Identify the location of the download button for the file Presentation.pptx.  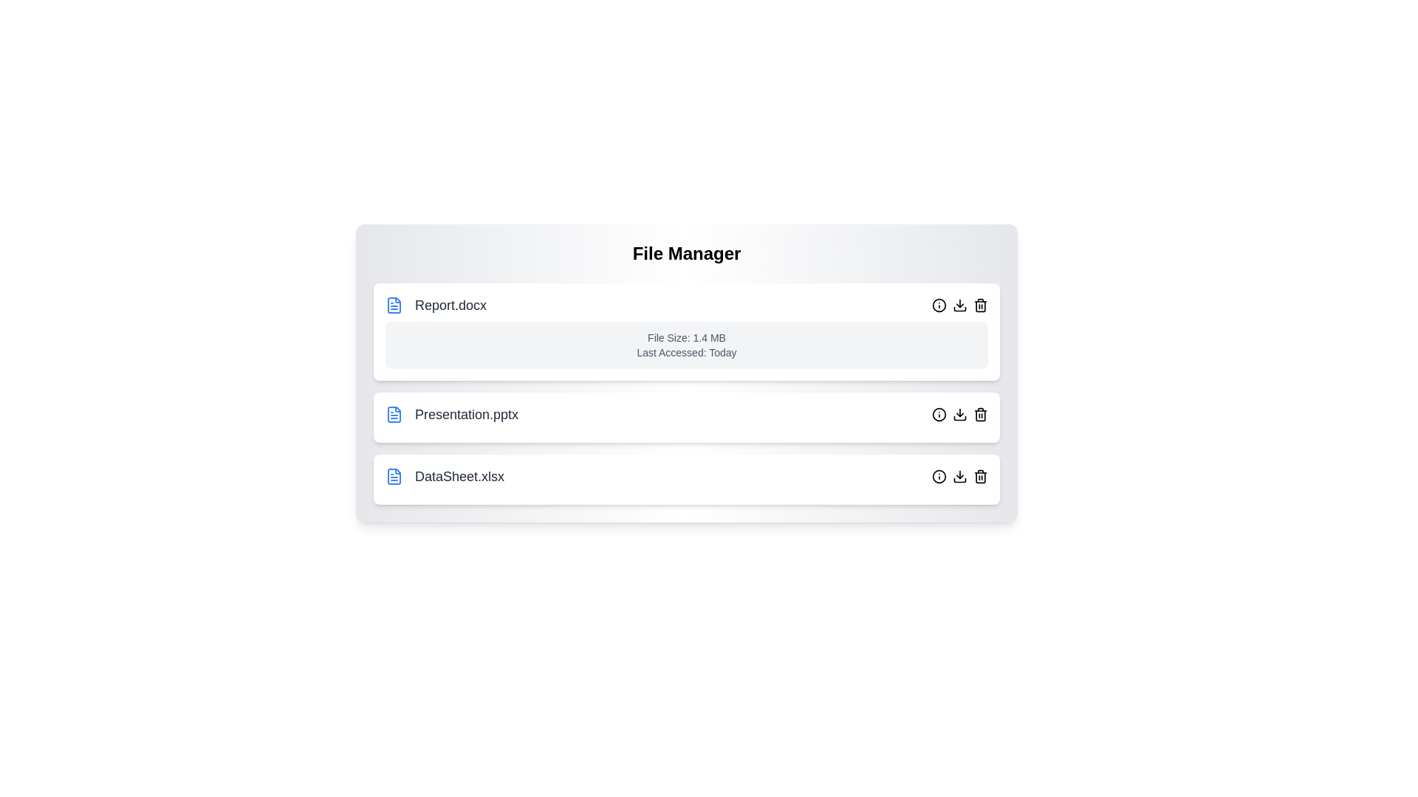
(960, 415).